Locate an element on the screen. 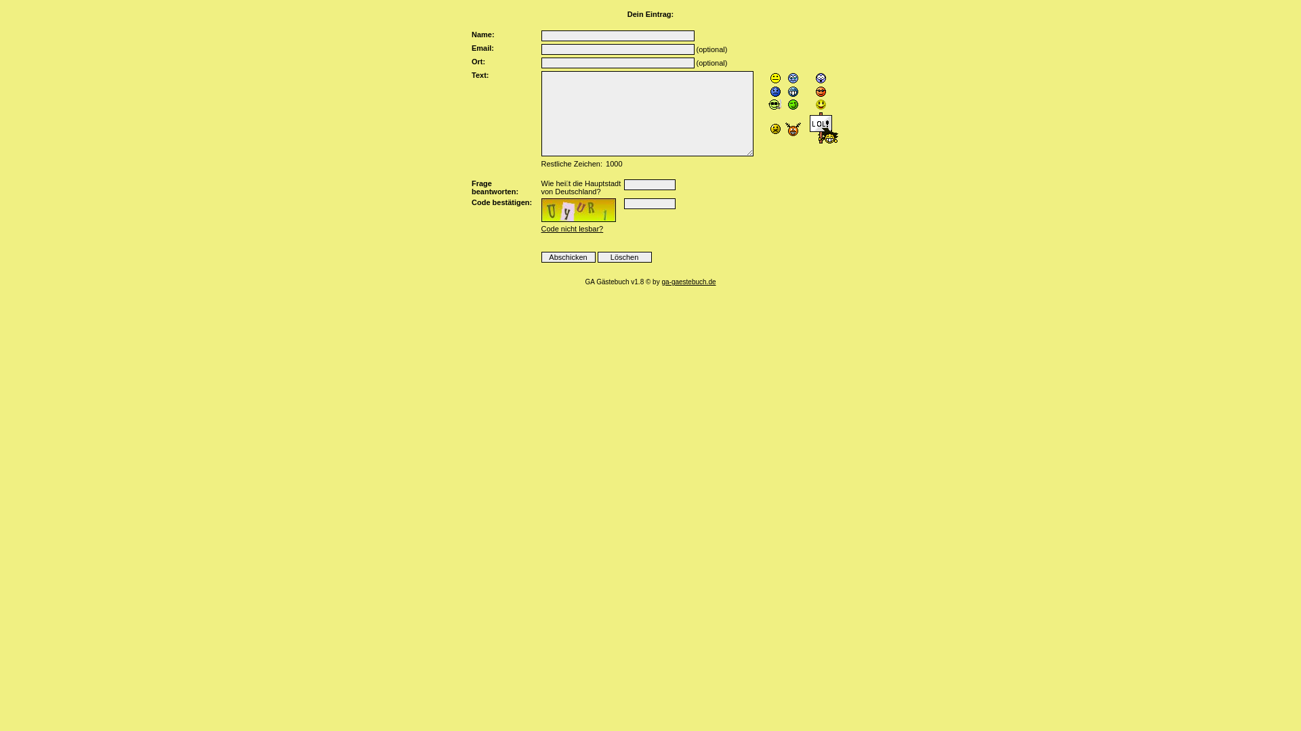 The image size is (1301, 731). ';-)' is located at coordinates (793, 104).